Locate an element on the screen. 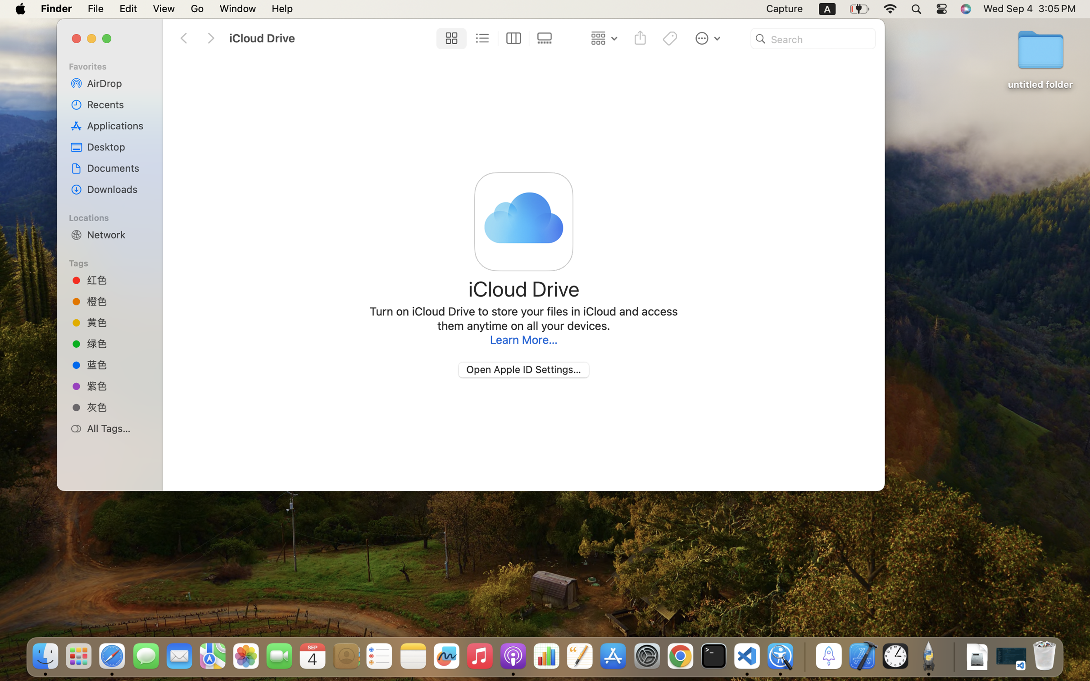 This screenshot has width=1090, height=681. 'All Tags…' is located at coordinates (117, 427).